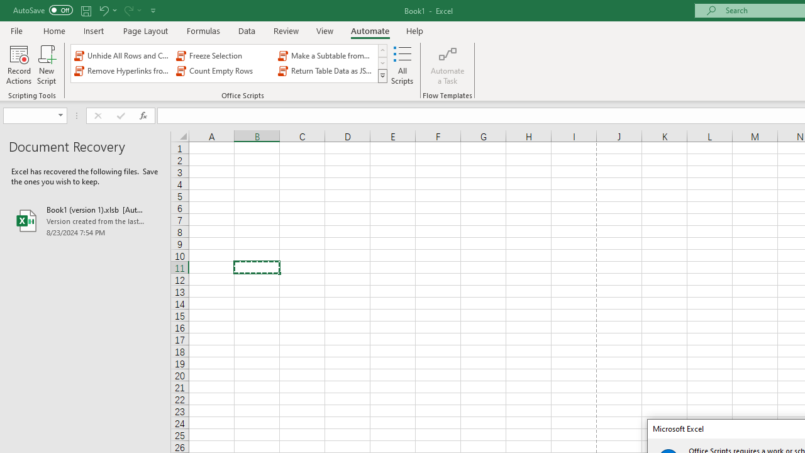  I want to click on 'Freeze Selection', so click(225, 55).